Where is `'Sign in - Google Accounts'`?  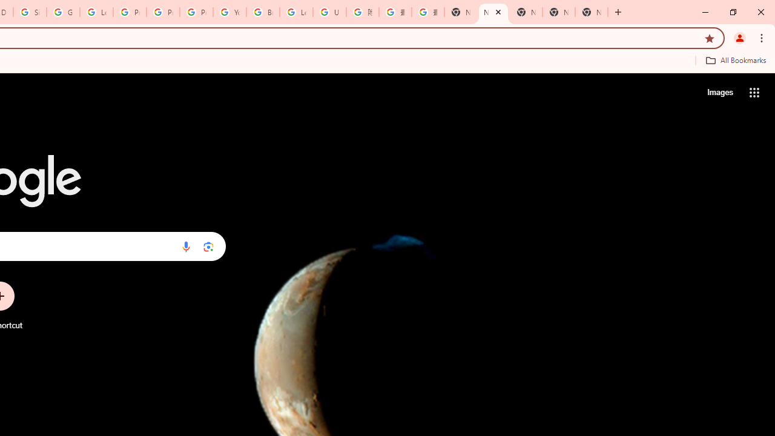 'Sign in - Google Accounts' is located at coordinates (30, 12).